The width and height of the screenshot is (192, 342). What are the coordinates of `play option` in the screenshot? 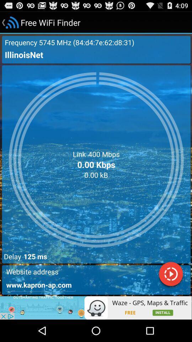 It's located at (170, 275).